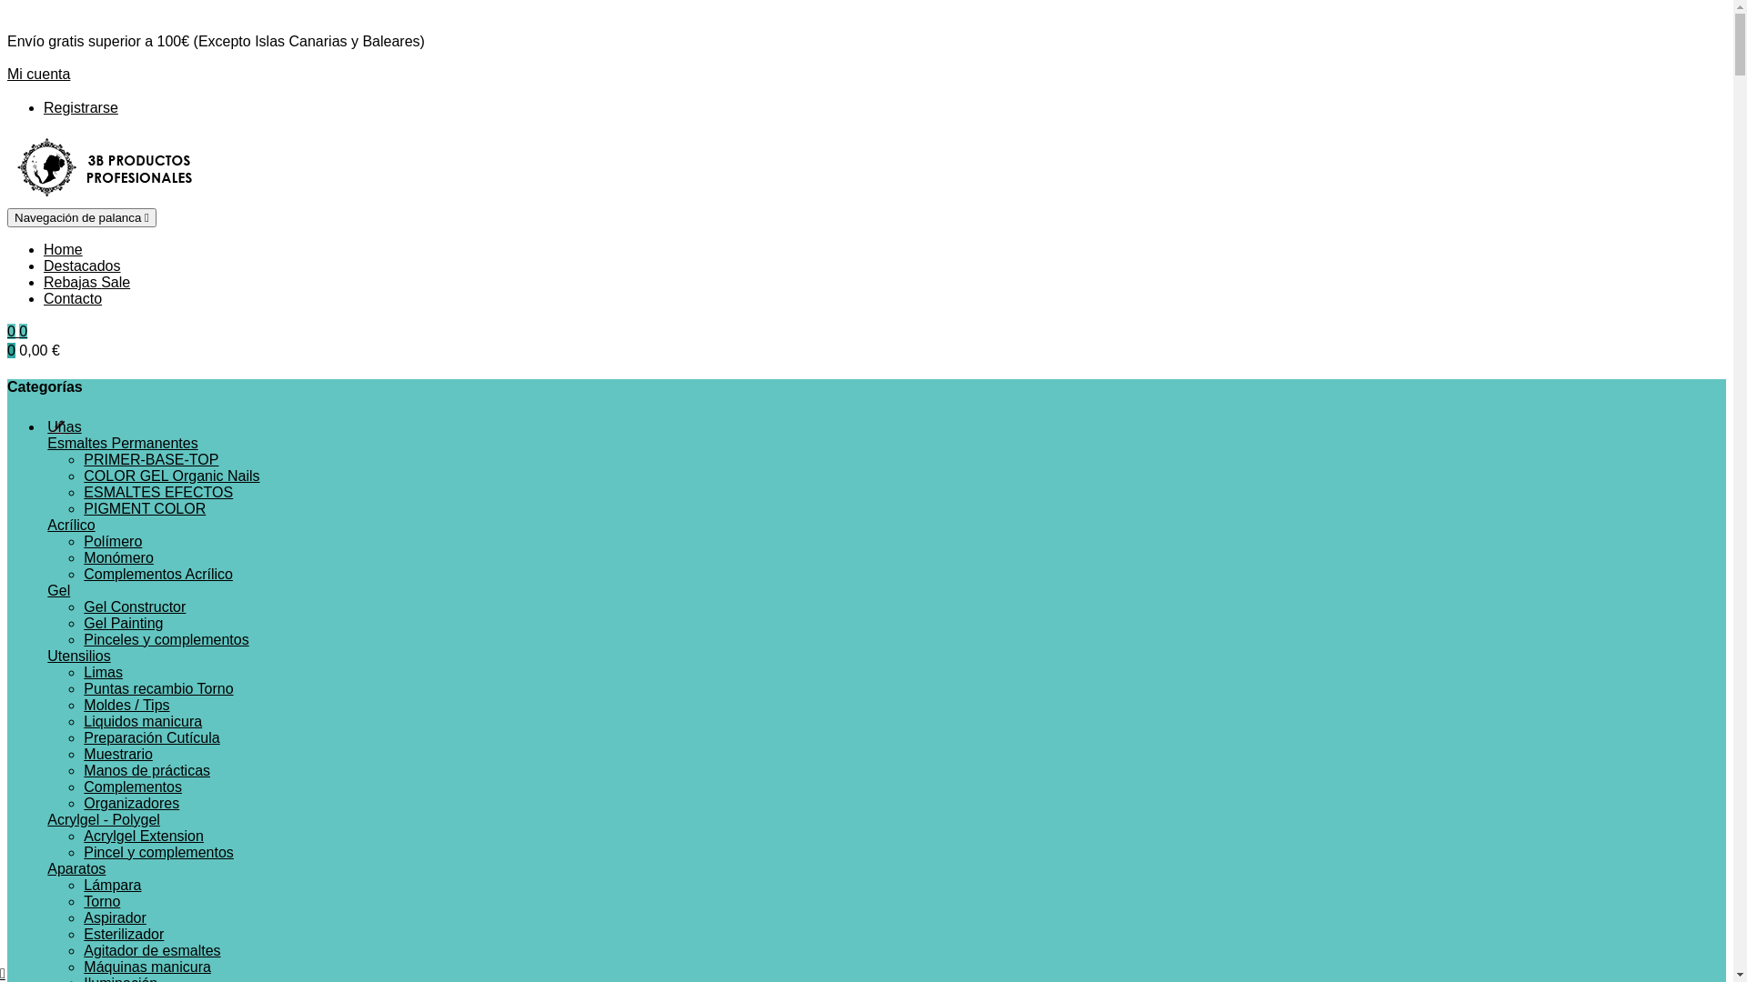  Describe the element at coordinates (44, 107) in the screenshot. I see `'Registrarse'` at that location.